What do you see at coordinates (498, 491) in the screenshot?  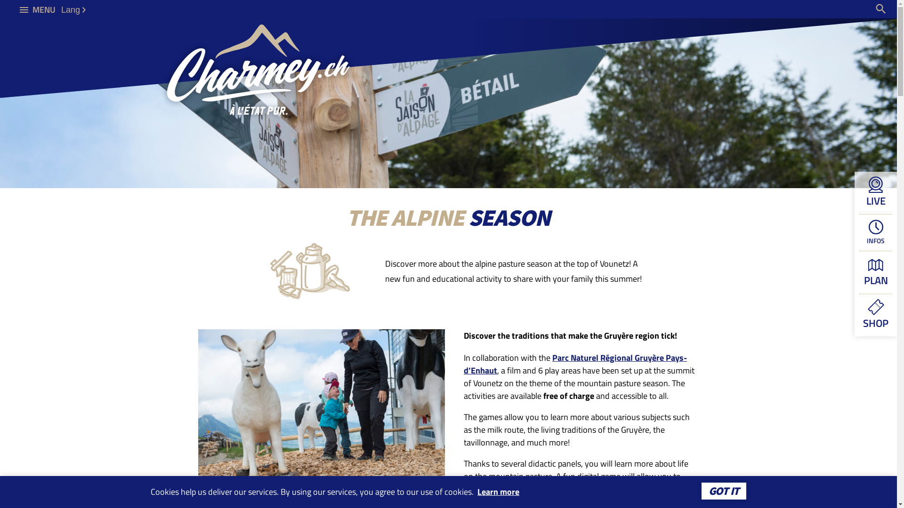 I see `'Learn more'` at bounding box center [498, 491].